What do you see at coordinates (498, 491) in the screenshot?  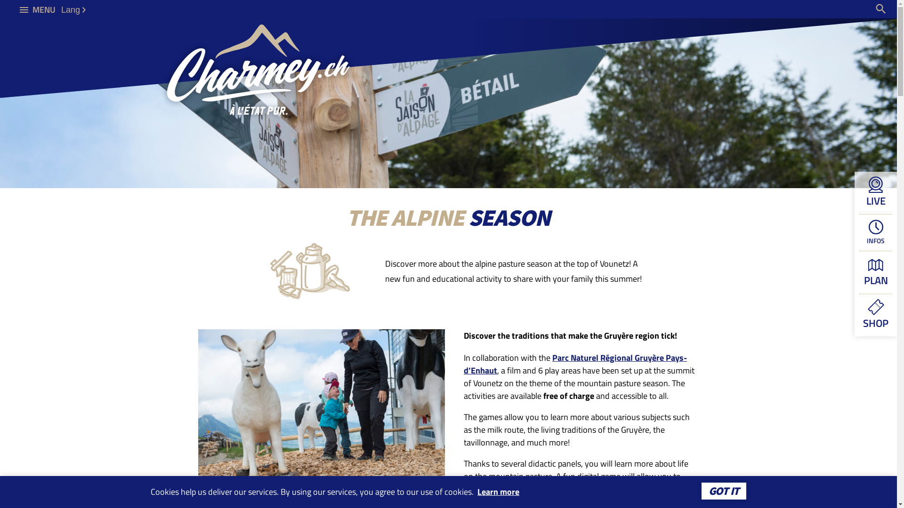 I see `'Learn more'` at bounding box center [498, 491].